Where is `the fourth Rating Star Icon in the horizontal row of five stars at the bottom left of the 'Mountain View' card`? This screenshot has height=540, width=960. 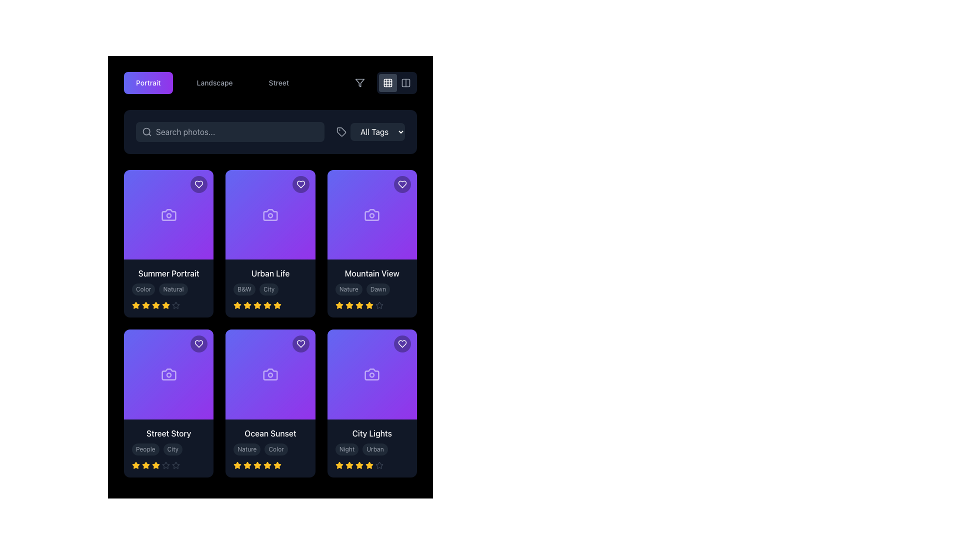 the fourth Rating Star Icon in the horizontal row of five stars at the bottom left of the 'Mountain View' card is located at coordinates (349, 305).